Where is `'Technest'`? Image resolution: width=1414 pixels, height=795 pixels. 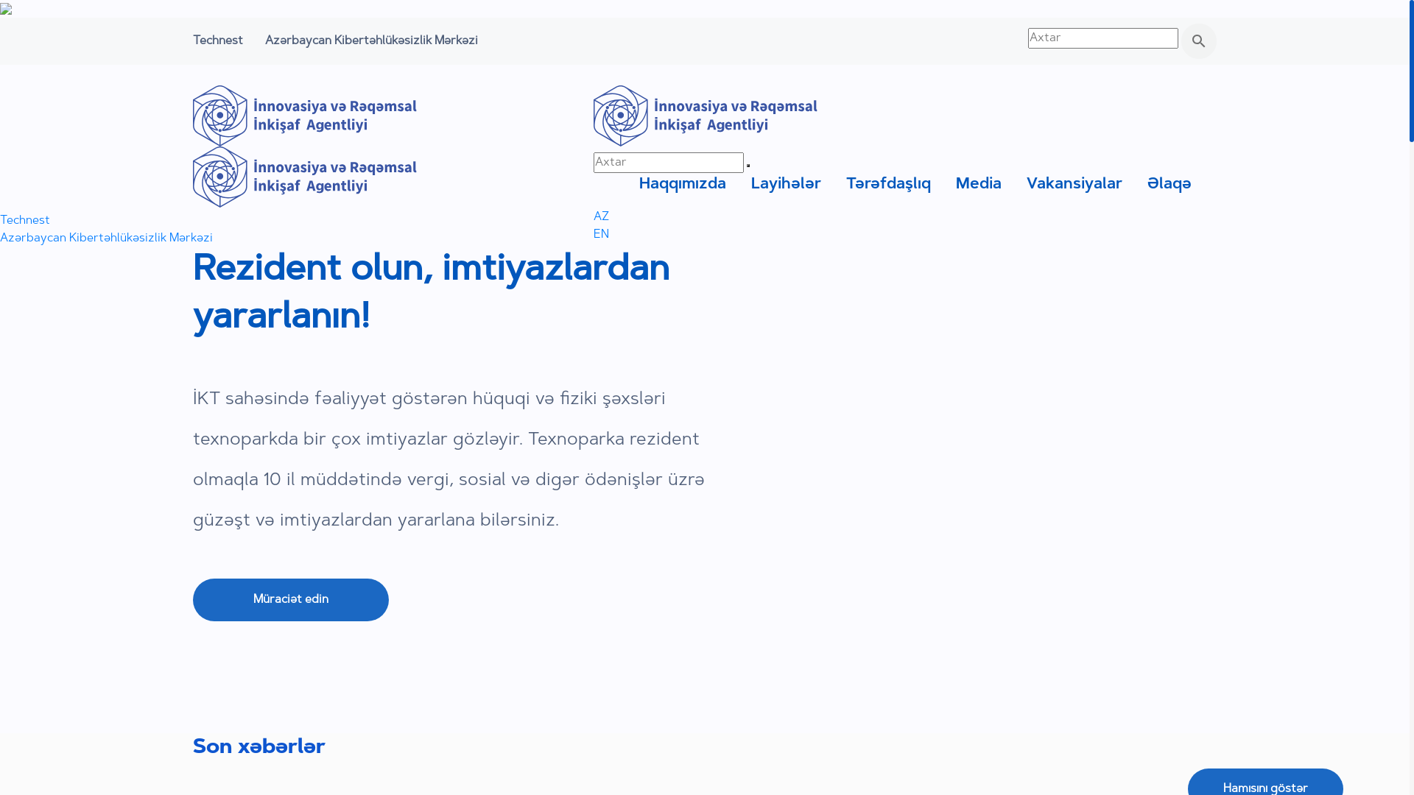 'Technest' is located at coordinates (24, 221).